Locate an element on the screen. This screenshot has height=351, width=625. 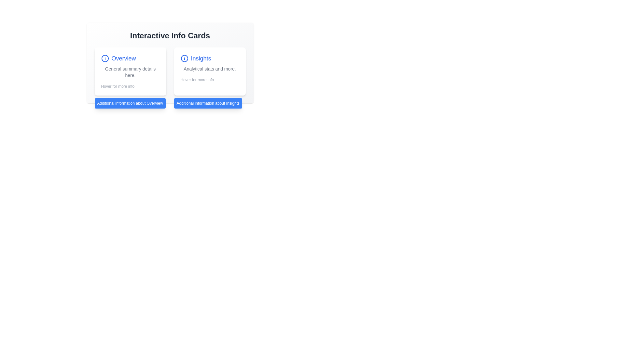
the illustrative icon located at the center of the 'Insights' card is located at coordinates (184, 58).